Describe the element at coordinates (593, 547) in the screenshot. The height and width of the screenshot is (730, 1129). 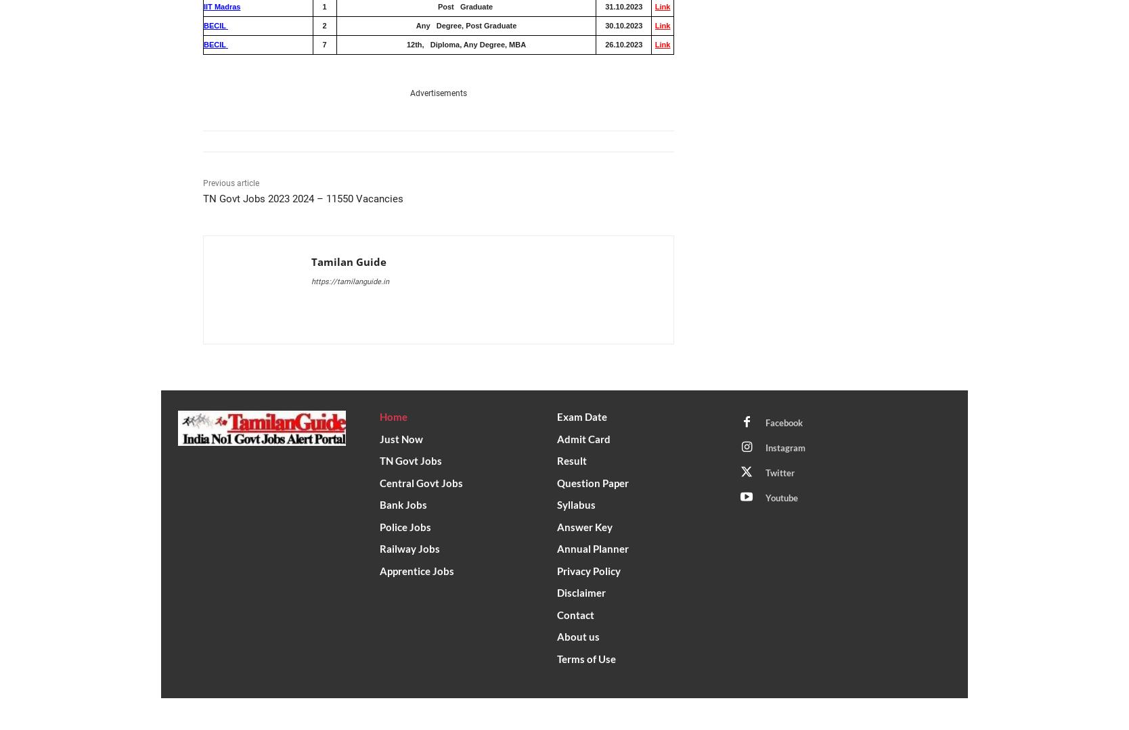
I see `'Annual Planner'` at that location.